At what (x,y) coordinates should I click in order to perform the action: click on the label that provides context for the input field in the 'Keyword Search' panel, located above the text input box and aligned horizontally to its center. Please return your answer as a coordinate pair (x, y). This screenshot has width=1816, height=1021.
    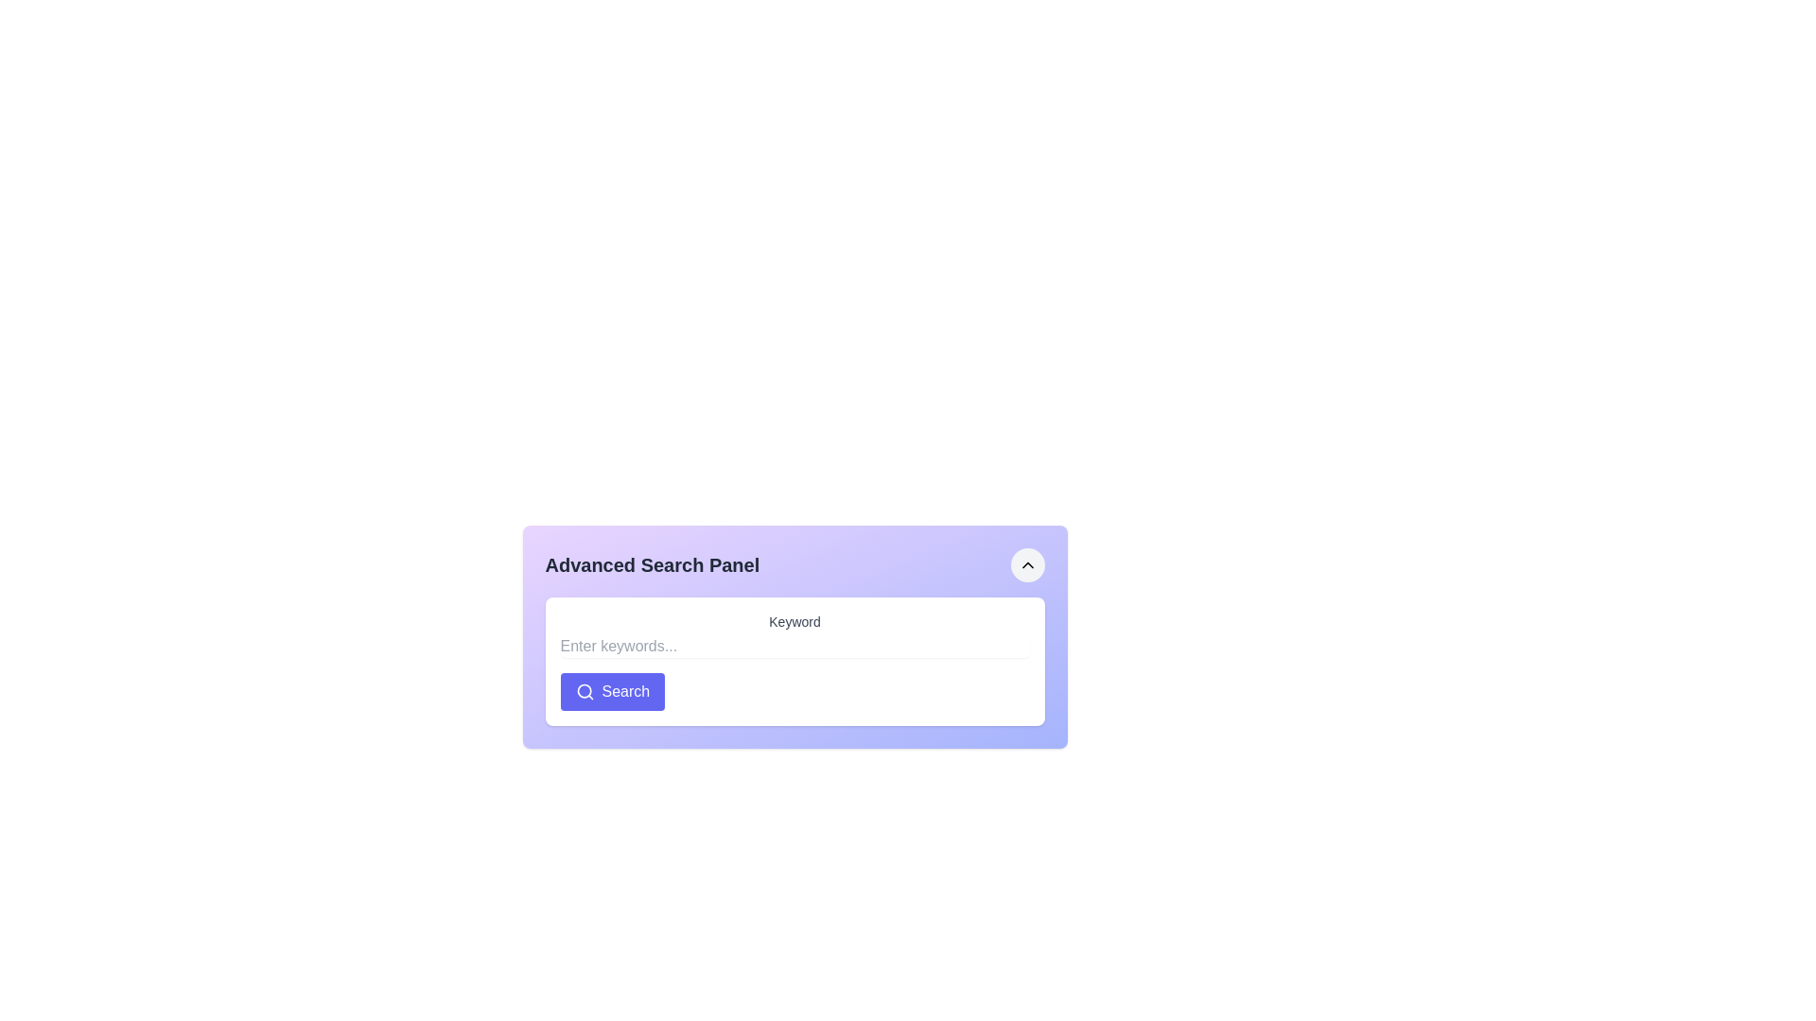
    Looking at the image, I should click on (794, 634).